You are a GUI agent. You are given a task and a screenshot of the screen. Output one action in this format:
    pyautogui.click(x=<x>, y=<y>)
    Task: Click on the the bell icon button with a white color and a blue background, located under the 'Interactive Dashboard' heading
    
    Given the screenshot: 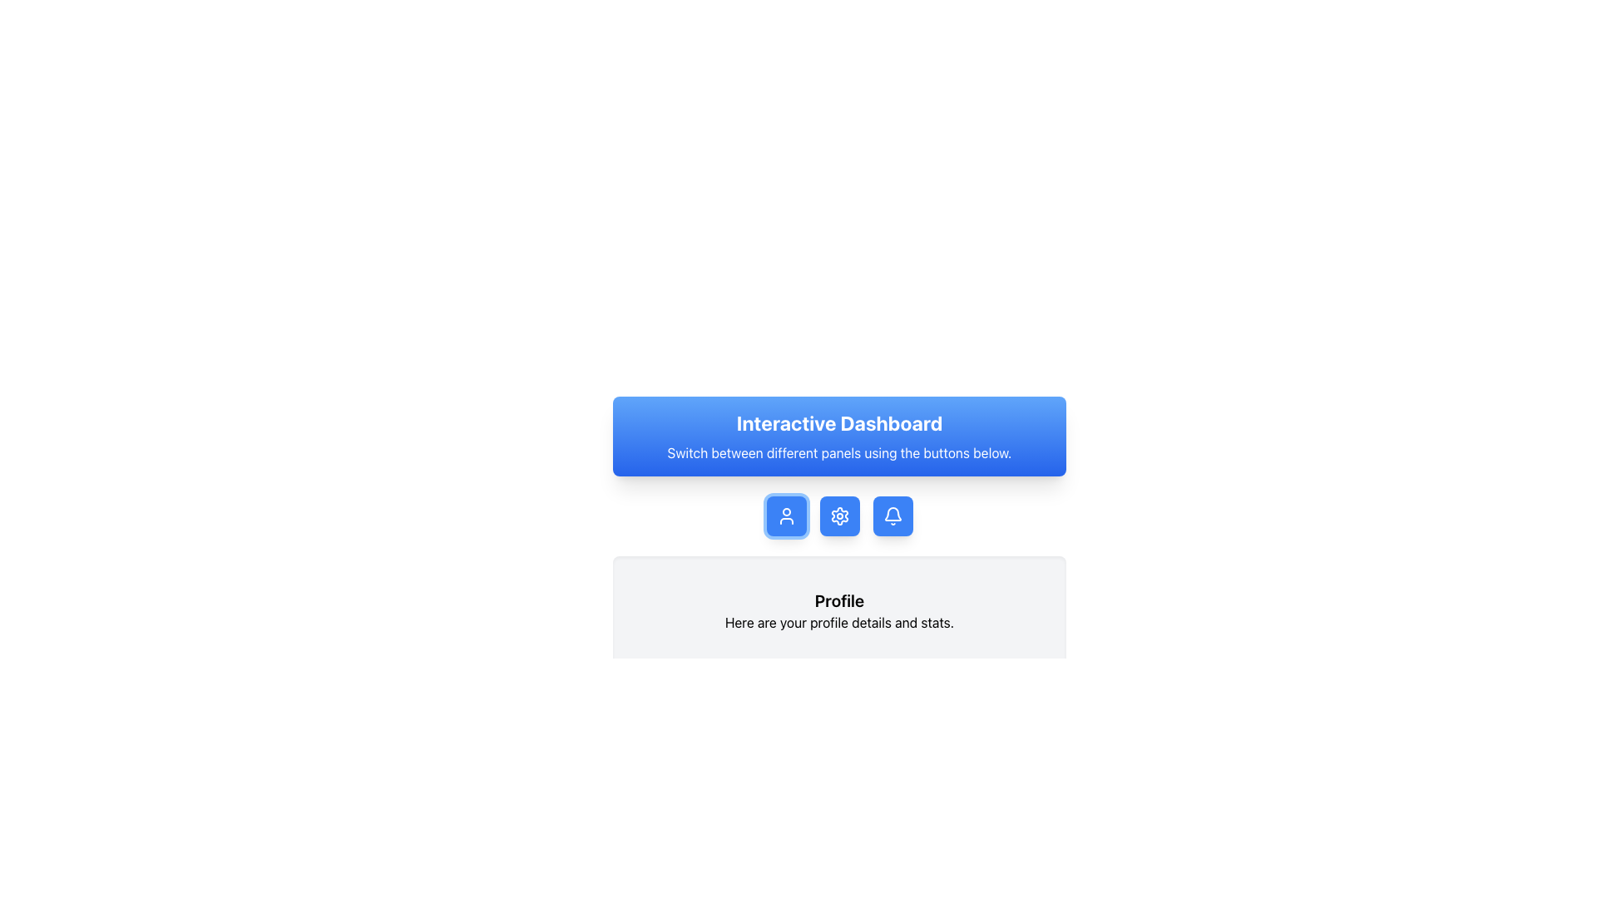 What is the action you would take?
    pyautogui.click(x=892, y=516)
    